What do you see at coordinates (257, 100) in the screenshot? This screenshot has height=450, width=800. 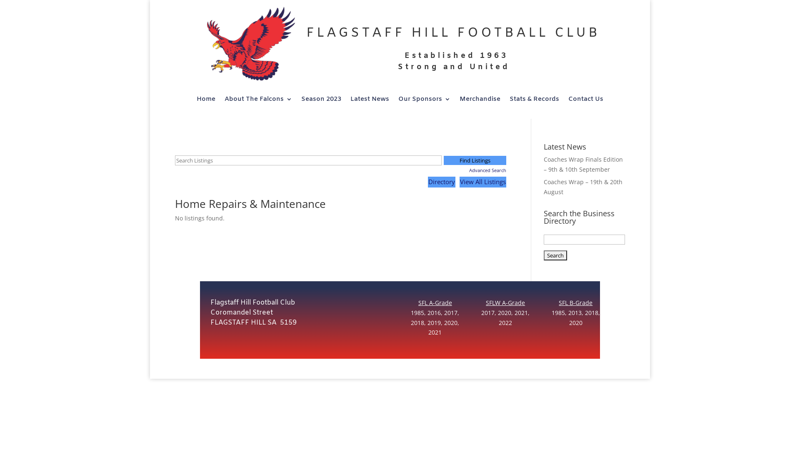 I see `'About The Falcons'` at bounding box center [257, 100].